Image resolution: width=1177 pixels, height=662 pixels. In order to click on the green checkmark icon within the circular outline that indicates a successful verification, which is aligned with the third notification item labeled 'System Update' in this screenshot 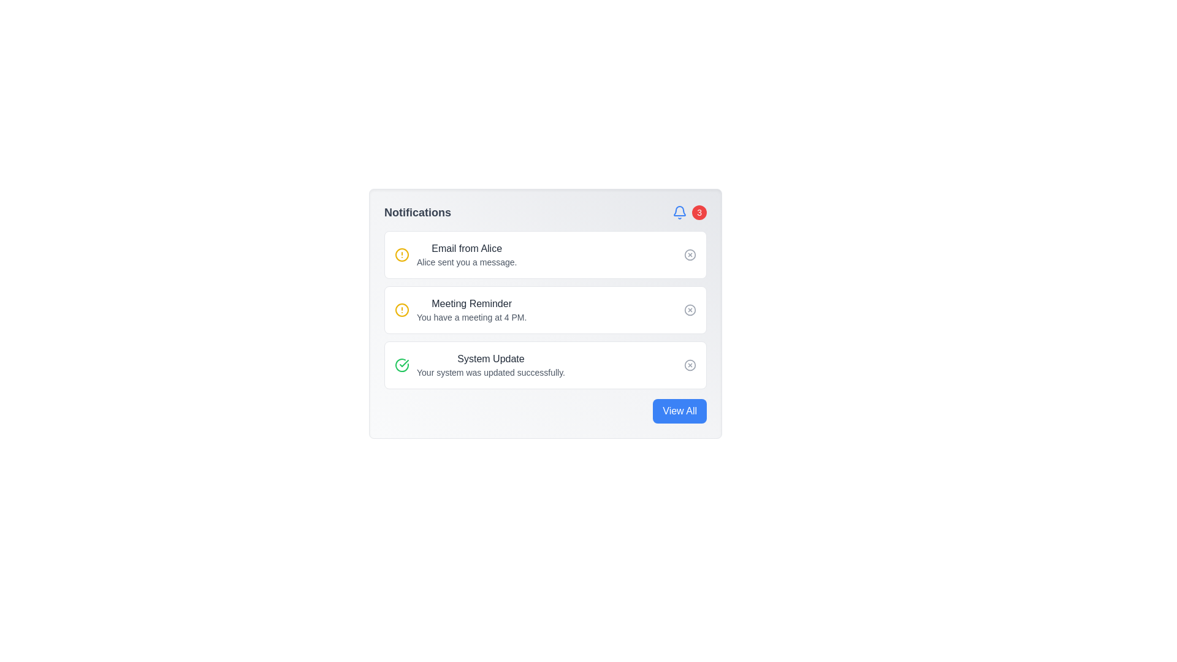, I will do `click(404, 363)`.